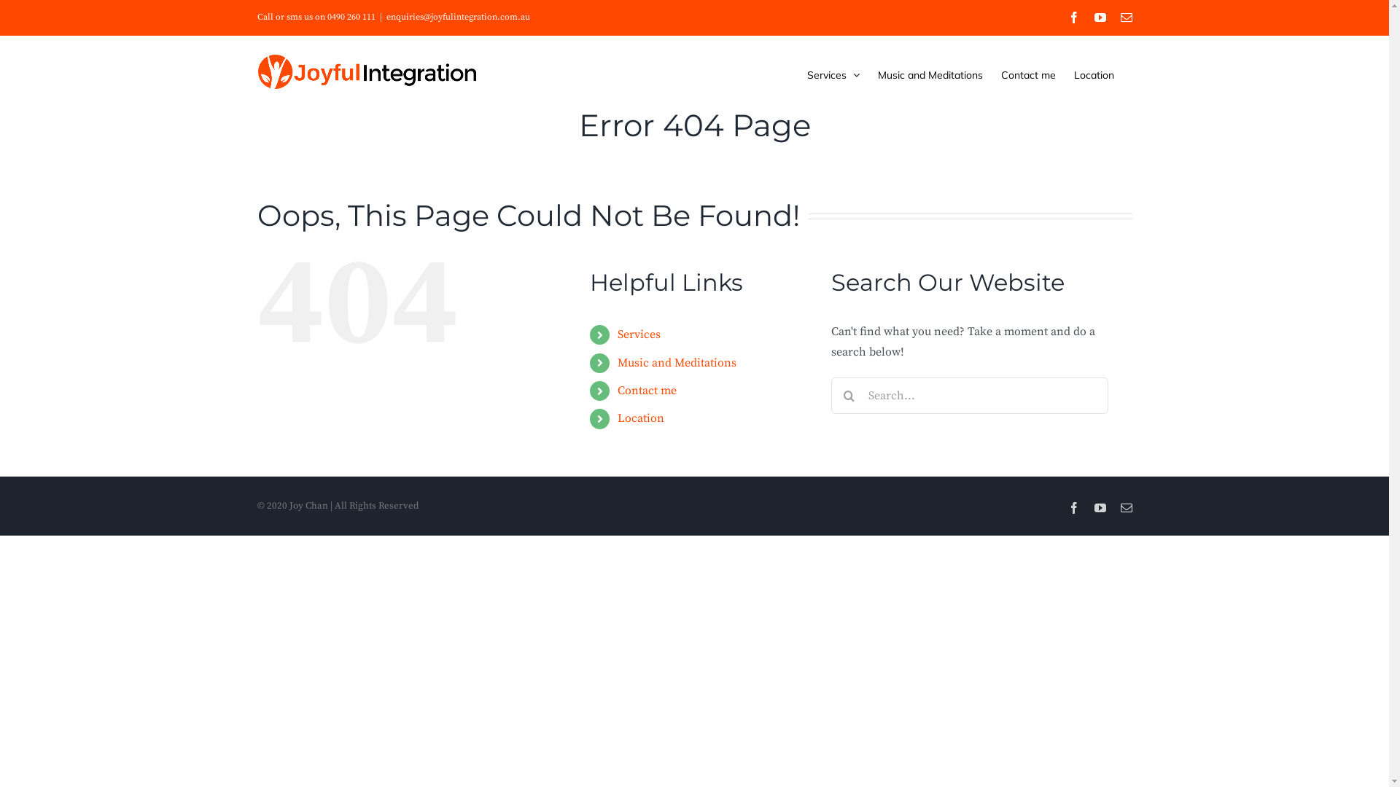 The image size is (1400, 787). Describe the element at coordinates (457, 17) in the screenshot. I see `'enquiries@joyfulintegration.com.au'` at that location.